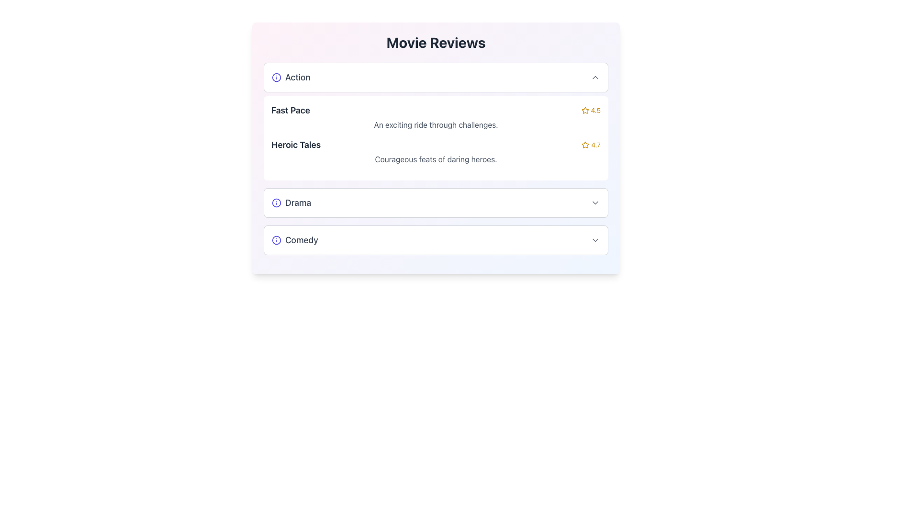 This screenshot has height=517, width=919. Describe the element at coordinates (291, 202) in the screenshot. I see `the Text Label with Icon that represents the title of the 'Drama' category within the 'Movie Reviews' section, specifically in the third collapsible panel` at that location.